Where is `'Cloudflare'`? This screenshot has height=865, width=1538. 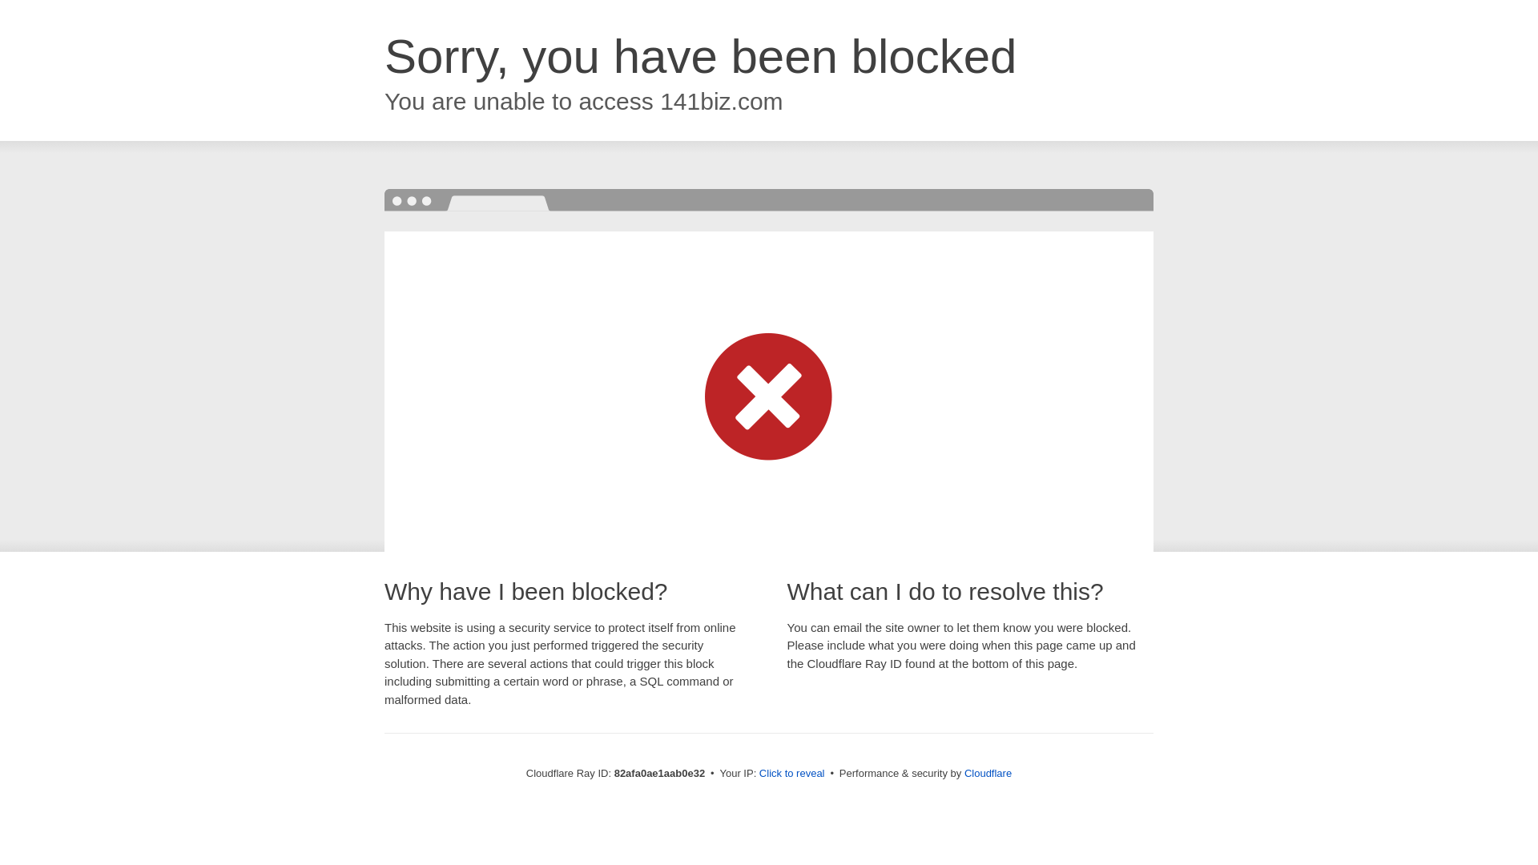
'Cloudflare' is located at coordinates (987, 772).